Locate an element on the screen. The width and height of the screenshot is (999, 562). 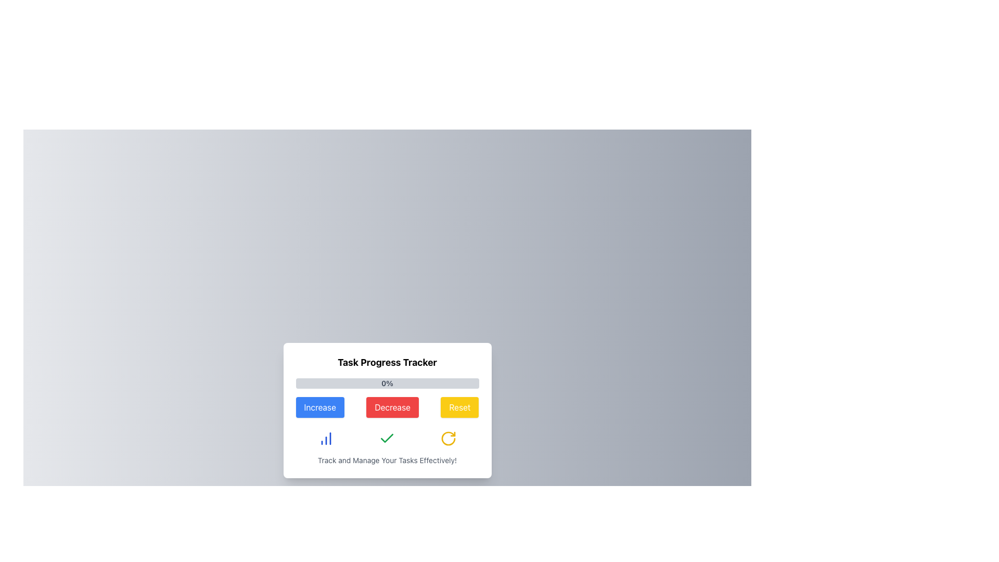
the 'Reset' button, which is a rectangular button with a yellow background and white text, located at the rightmost side of a row of three buttons is located at coordinates (459, 407).